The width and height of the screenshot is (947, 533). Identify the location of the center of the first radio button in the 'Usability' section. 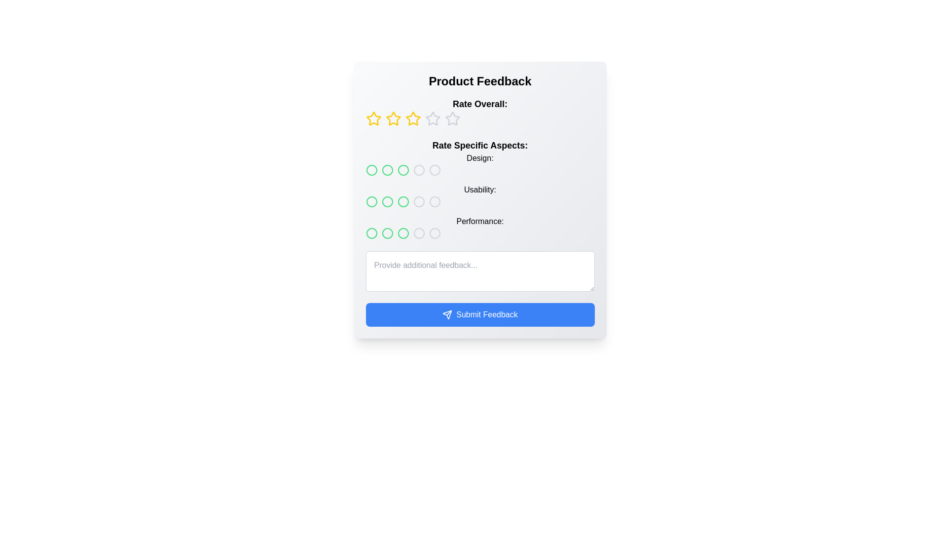
(371, 201).